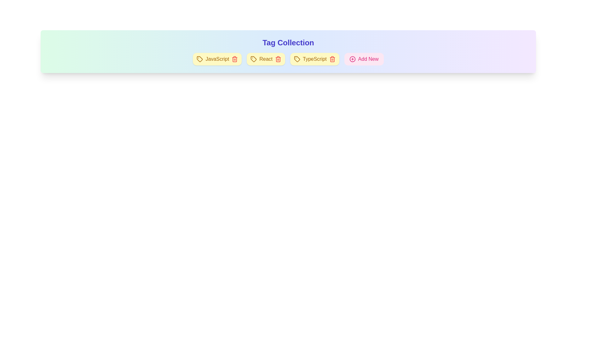 Image resolution: width=605 pixels, height=340 pixels. What do you see at coordinates (234, 59) in the screenshot?
I see `the trash icon located to the right of the 'JavaScript' tag` at bounding box center [234, 59].